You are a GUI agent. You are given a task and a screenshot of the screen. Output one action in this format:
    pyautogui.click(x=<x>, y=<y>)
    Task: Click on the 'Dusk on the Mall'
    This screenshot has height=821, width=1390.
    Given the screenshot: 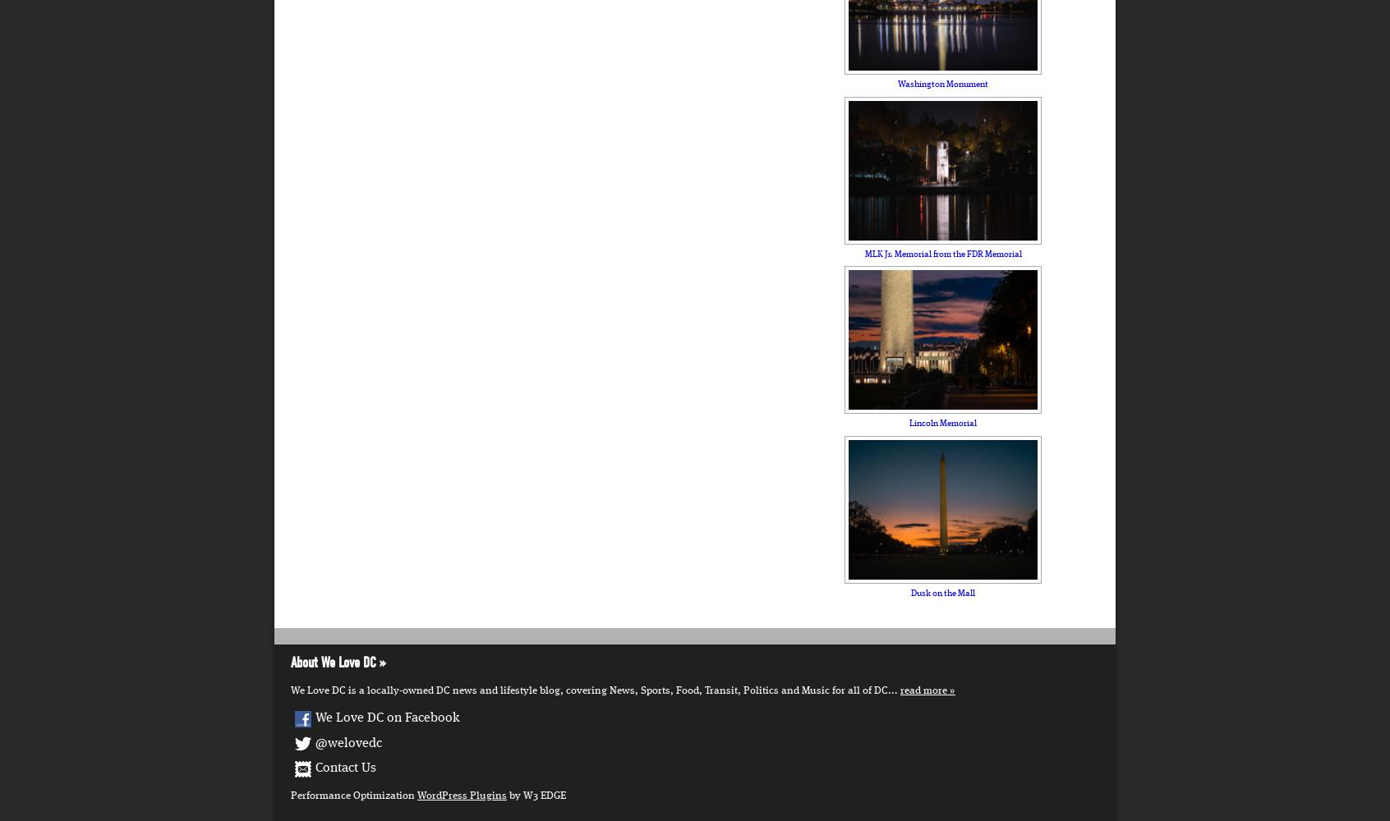 What is the action you would take?
    pyautogui.click(x=942, y=592)
    